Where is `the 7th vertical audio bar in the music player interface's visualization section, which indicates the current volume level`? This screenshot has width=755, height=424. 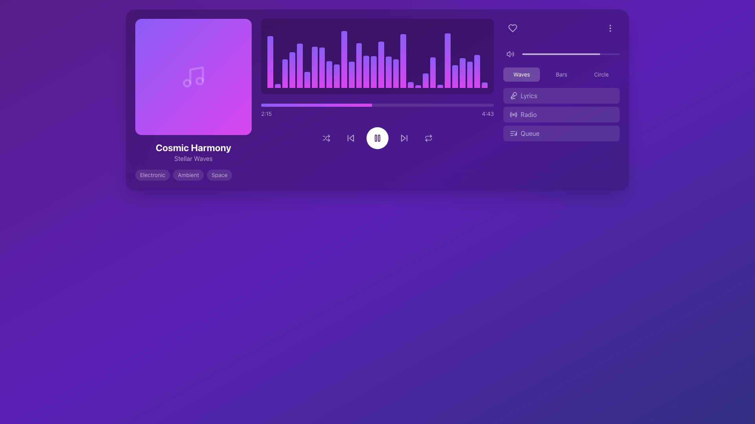
the 7th vertical audio bar in the music player interface's visualization section, which indicates the current volume level is located at coordinates (315, 67).